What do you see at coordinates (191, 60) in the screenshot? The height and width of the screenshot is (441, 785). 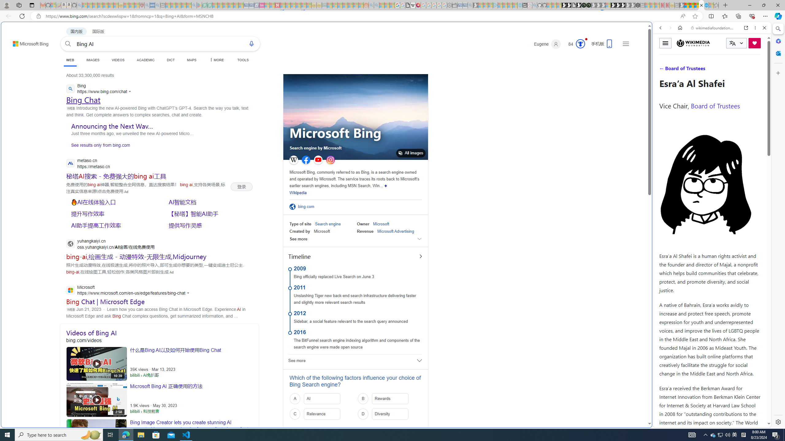 I see `'MAPS'` at bounding box center [191, 60].